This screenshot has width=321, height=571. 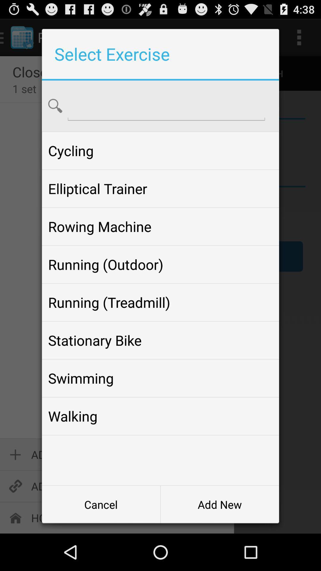 I want to click on the item below the rowing machine app, so click(x=160, y=264).